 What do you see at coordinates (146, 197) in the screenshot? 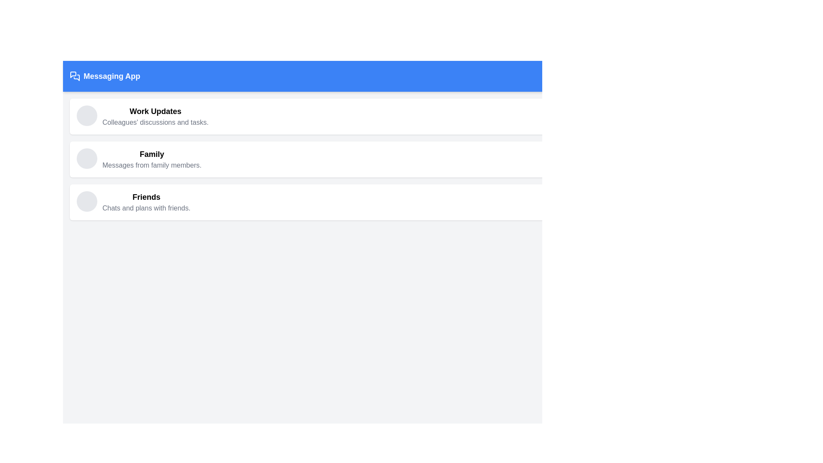
I see `text element labeled 'Friends', which is styled in bold and larger font, located in the third section of a list layout above the text 'Chats and plans with friends'` at bounding box center [146, 197].